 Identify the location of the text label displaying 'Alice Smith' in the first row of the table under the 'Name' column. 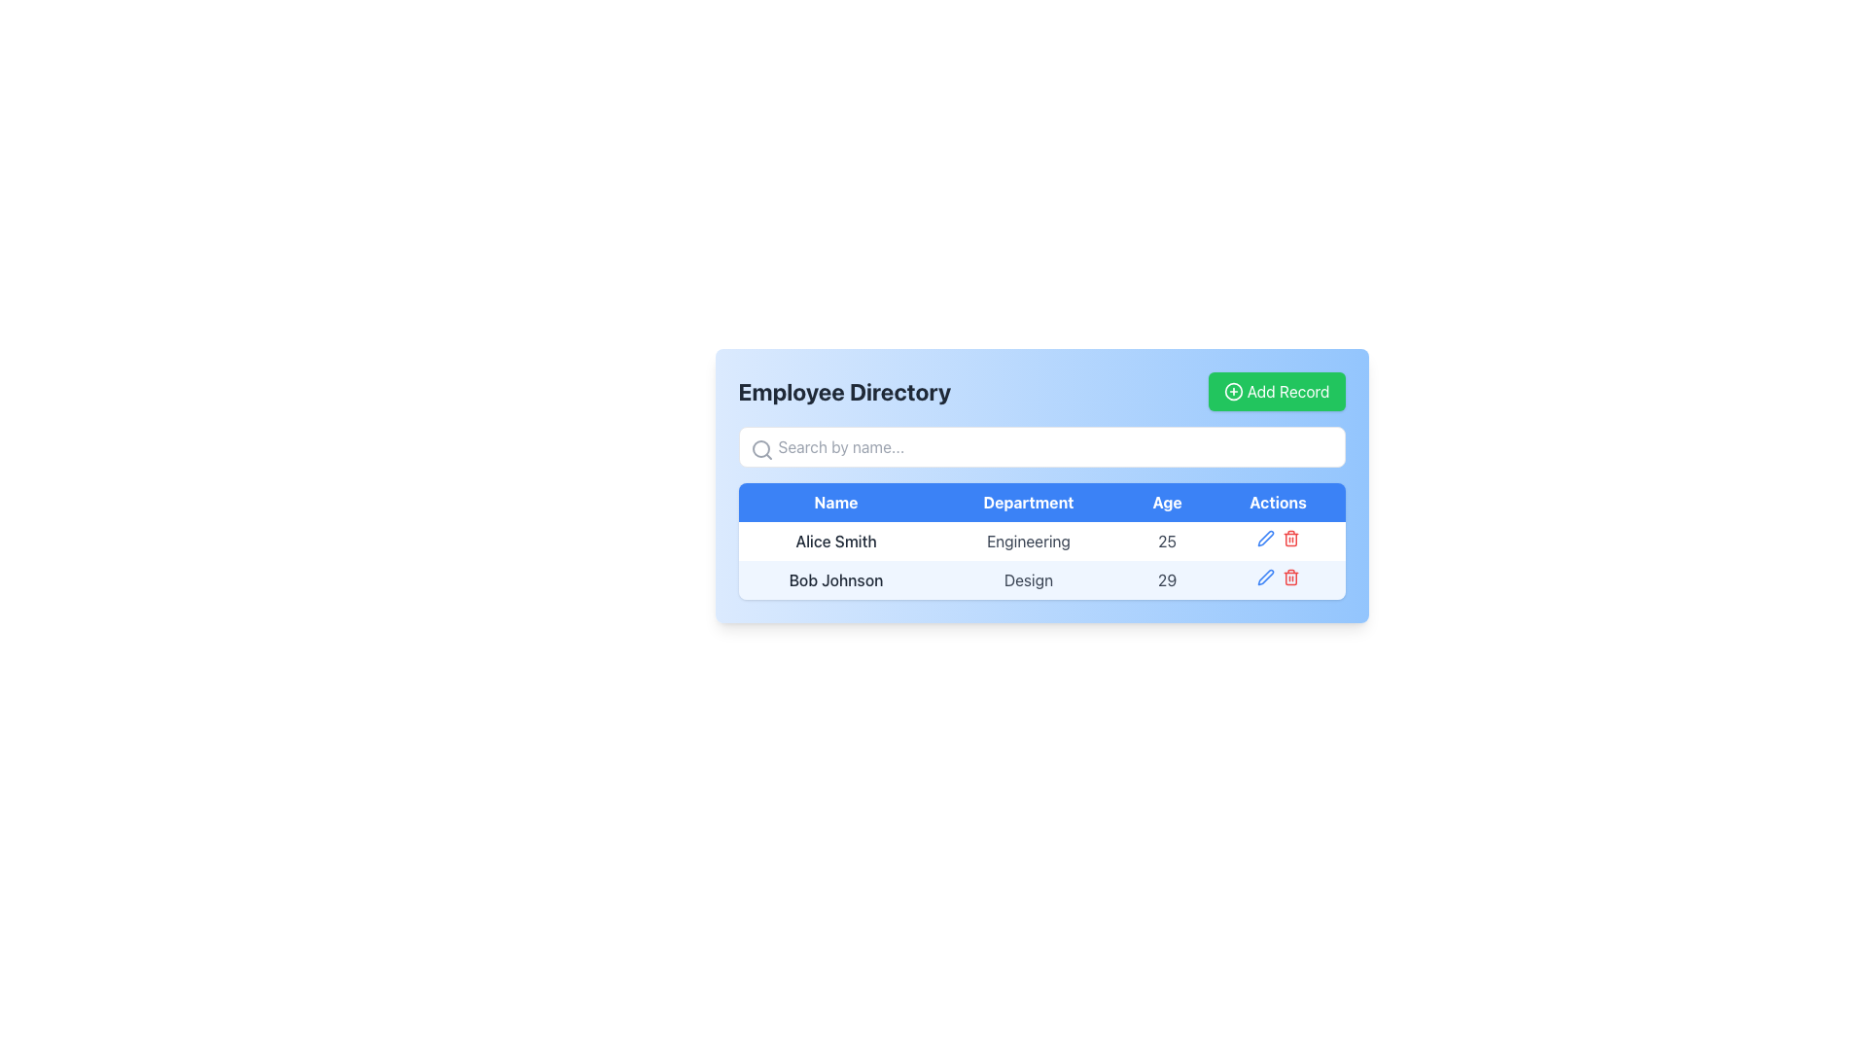
(835, 541).